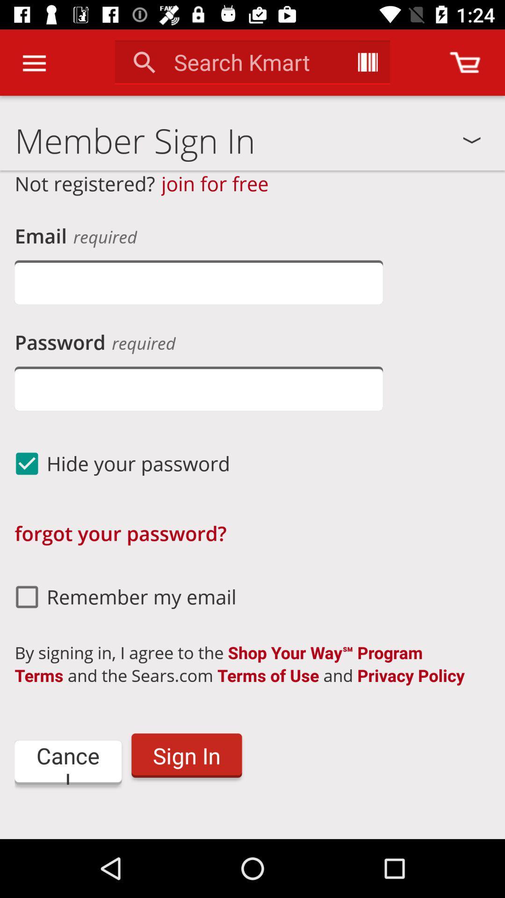 This screenshot has height=898, width=505. Describe the element at coordinates (465, 62) in the screenshot. I see `the icon above member sign in icon` at that location.